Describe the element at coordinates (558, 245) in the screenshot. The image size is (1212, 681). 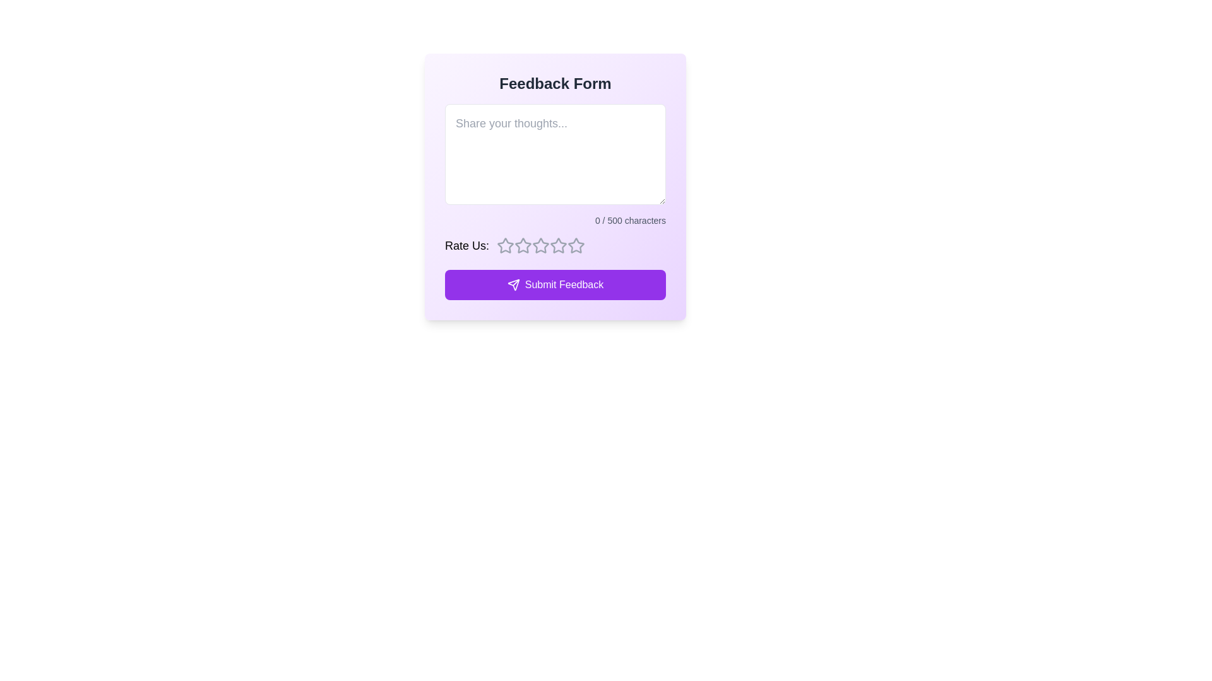
I see `the fifth rating star icon in the 'Rate Us:' section of the Feedback Form` at that location.